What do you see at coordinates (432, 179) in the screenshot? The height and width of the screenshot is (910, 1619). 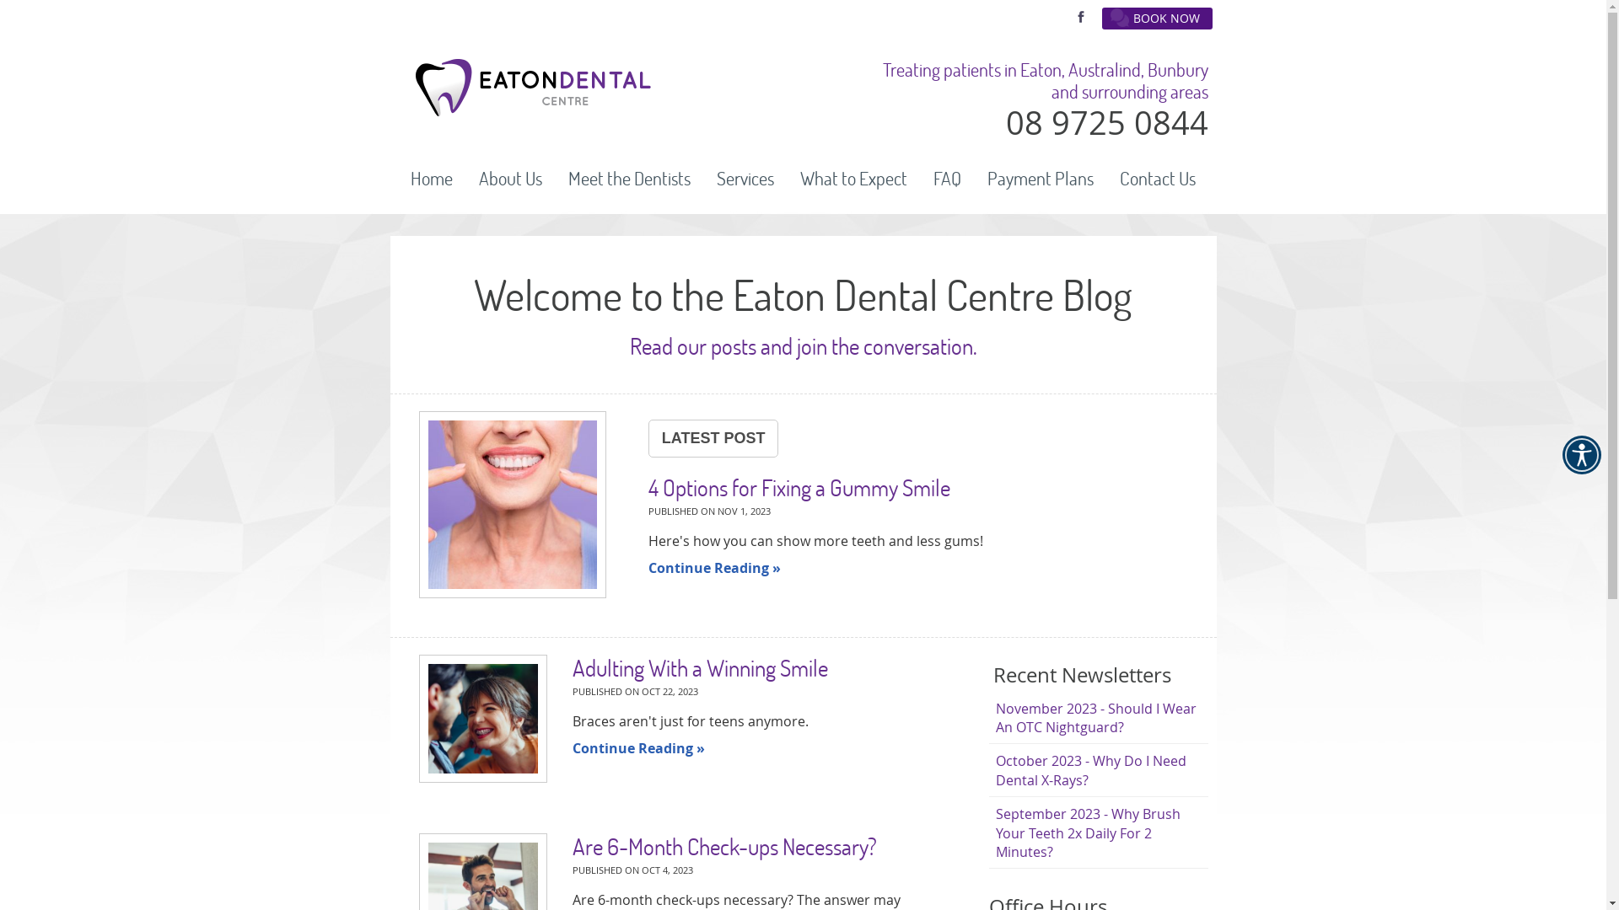 I see `'Home'` at bounding box center [432, 179].